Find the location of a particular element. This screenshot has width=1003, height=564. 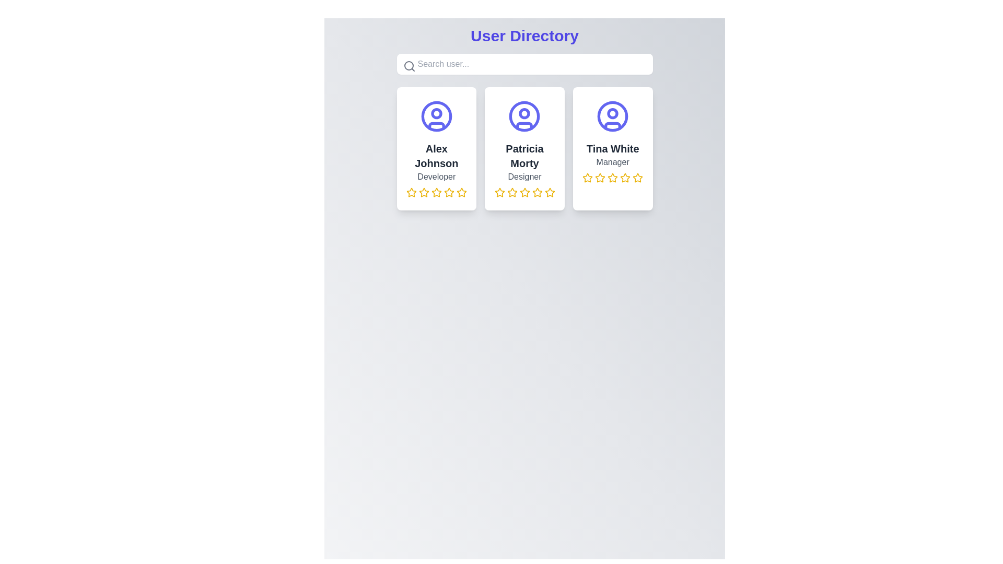

the profile icon representing 'Patricia Morty' is located at coordinates (524, 116).